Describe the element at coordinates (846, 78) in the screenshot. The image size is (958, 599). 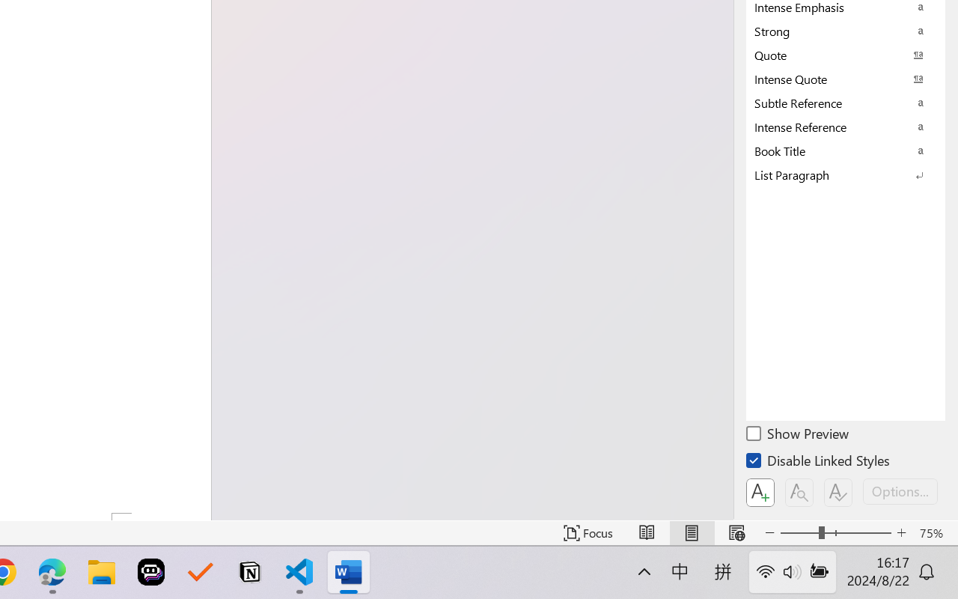
I see `'Intense Quote'` at that location.